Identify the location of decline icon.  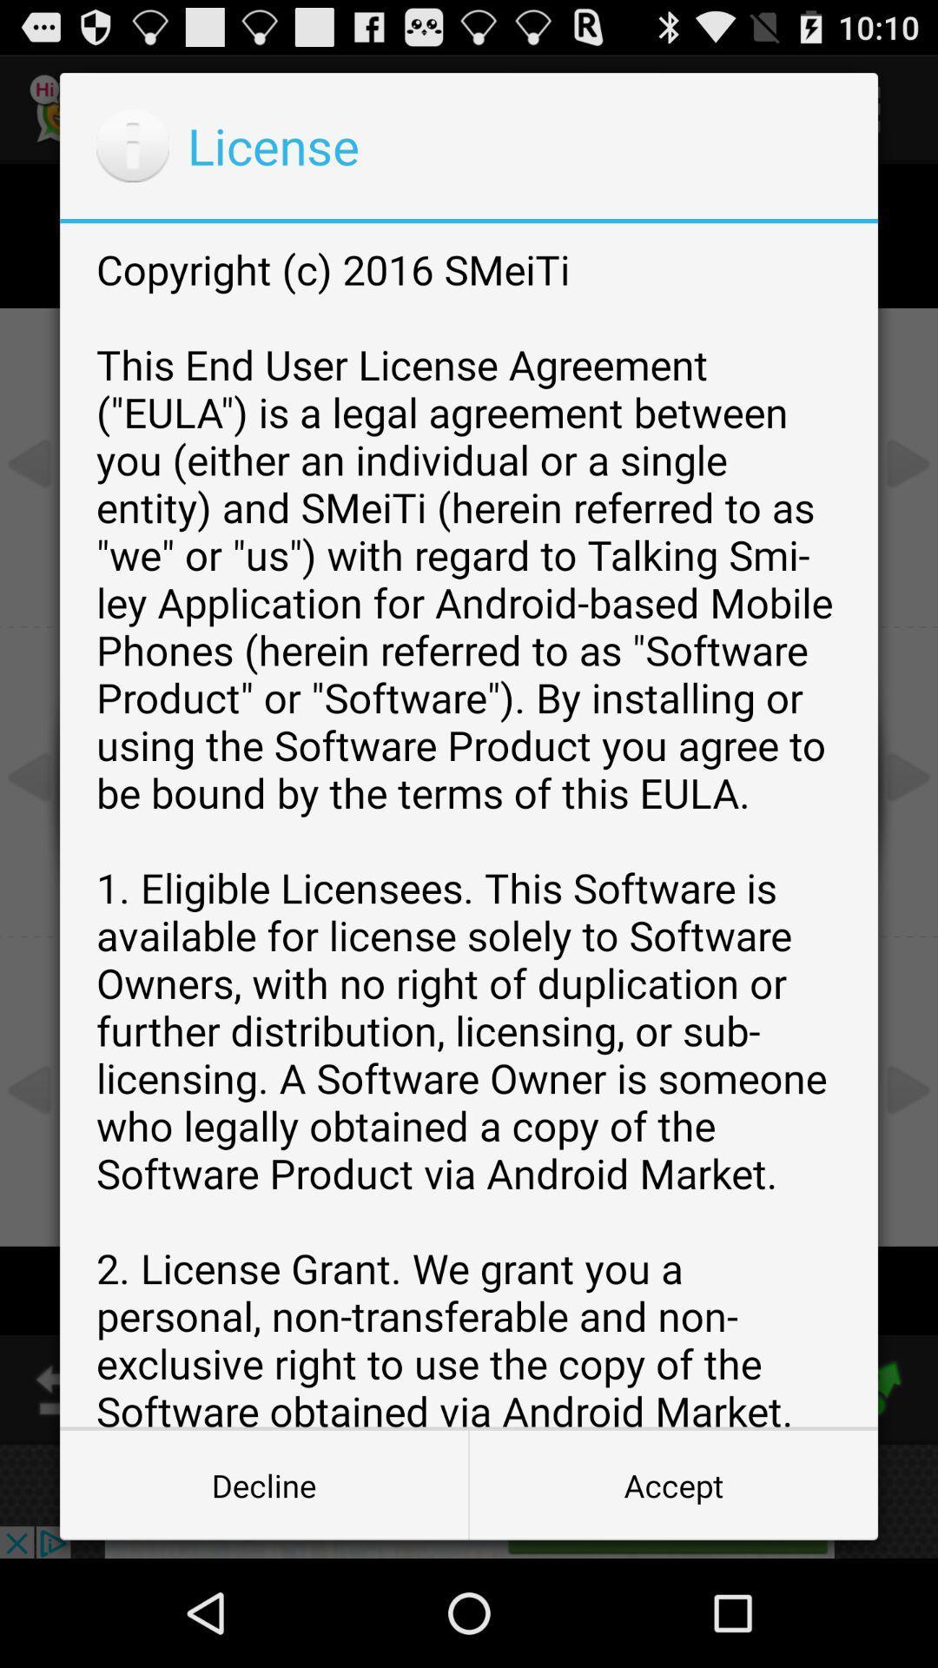
(264, 1484).